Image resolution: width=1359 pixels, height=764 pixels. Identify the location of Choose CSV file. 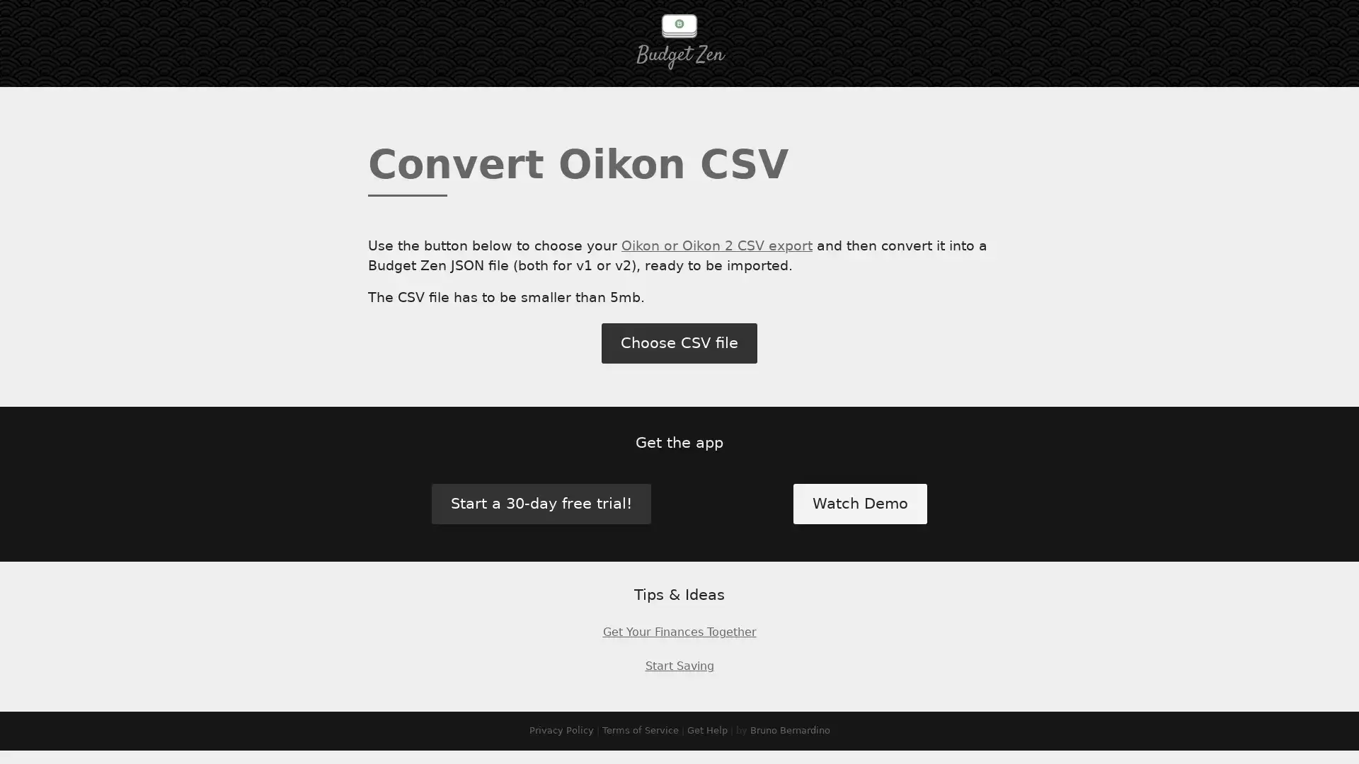
(679, 351).